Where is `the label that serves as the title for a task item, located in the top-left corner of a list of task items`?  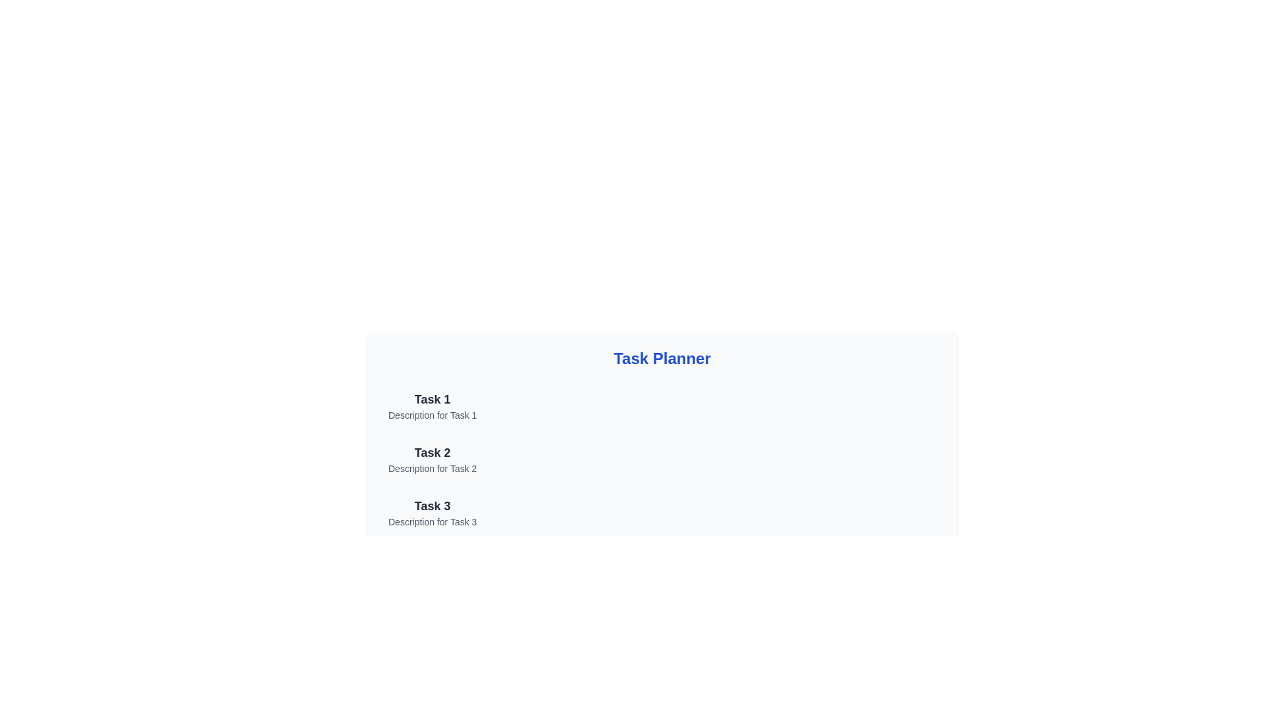
the label that serves as the title for a task item, located in the top-left corner of a list of task items is located at coordinates (433, 398).